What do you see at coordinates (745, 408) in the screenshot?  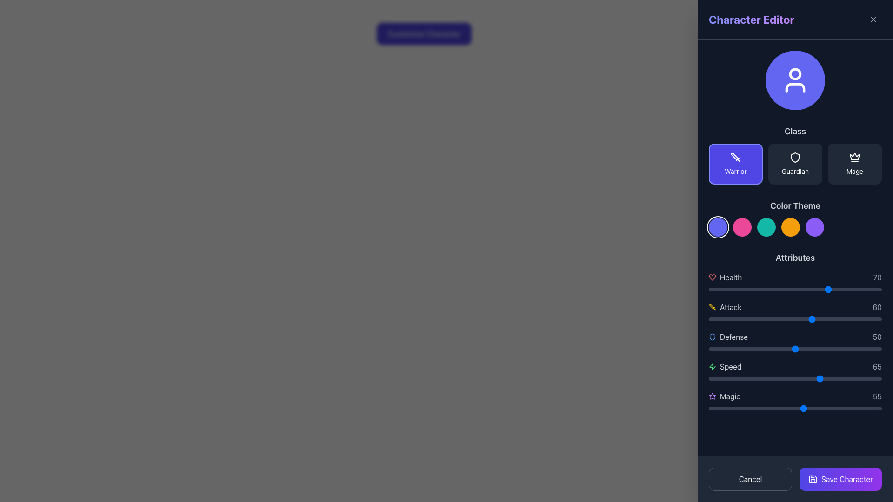 I see `the magic attribute` at bounding box center [745, 408].